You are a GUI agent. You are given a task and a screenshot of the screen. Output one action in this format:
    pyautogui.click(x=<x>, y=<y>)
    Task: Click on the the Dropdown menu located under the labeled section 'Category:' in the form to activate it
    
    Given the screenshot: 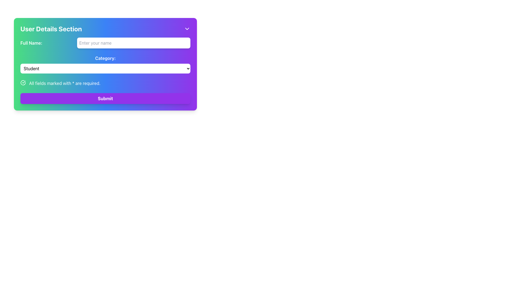 What is the action you would take?
    pyautogui.click(x=105, y=64)
    